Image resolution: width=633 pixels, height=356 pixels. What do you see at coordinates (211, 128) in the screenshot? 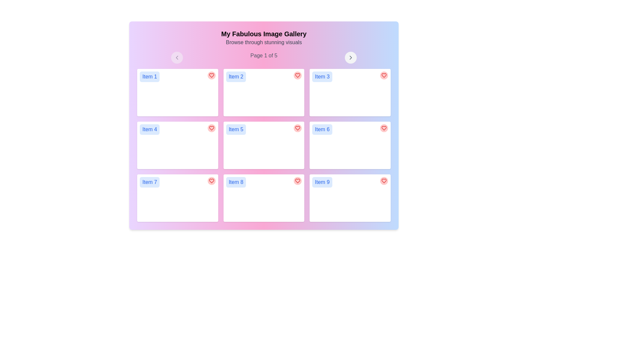
I see `the small circular button with a red background and a heart icon in the top-right corner of the 'Item 4' card` at bounding box center [211, 128].